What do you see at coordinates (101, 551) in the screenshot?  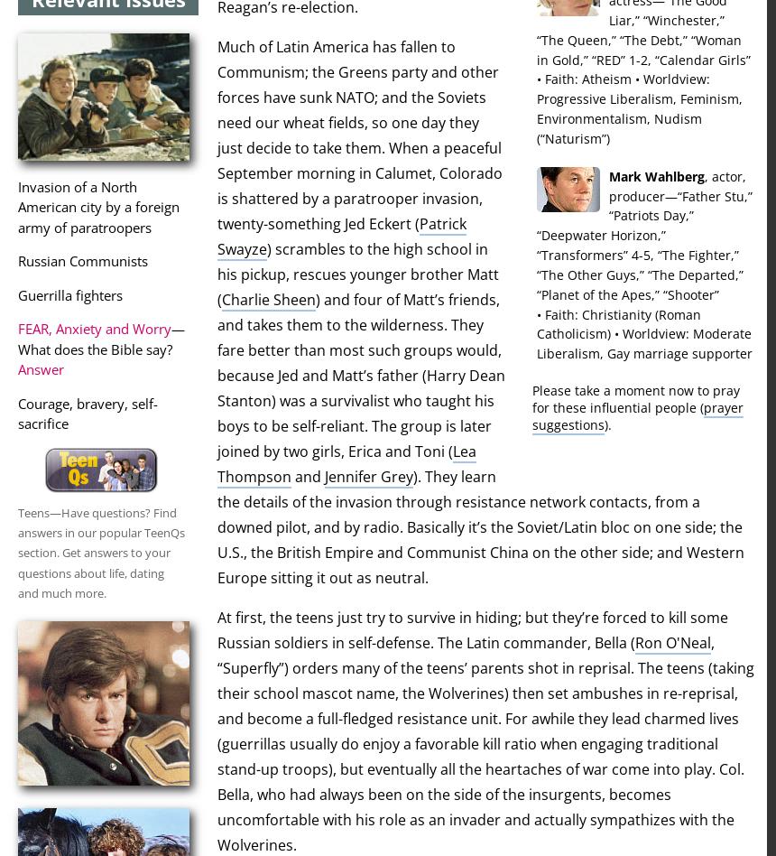 I see `'Teens—Have questions? Find answers in our popular TeenQs section. Get answers to your questions about life, dating and much more.'` at bounding box center [101, 551].